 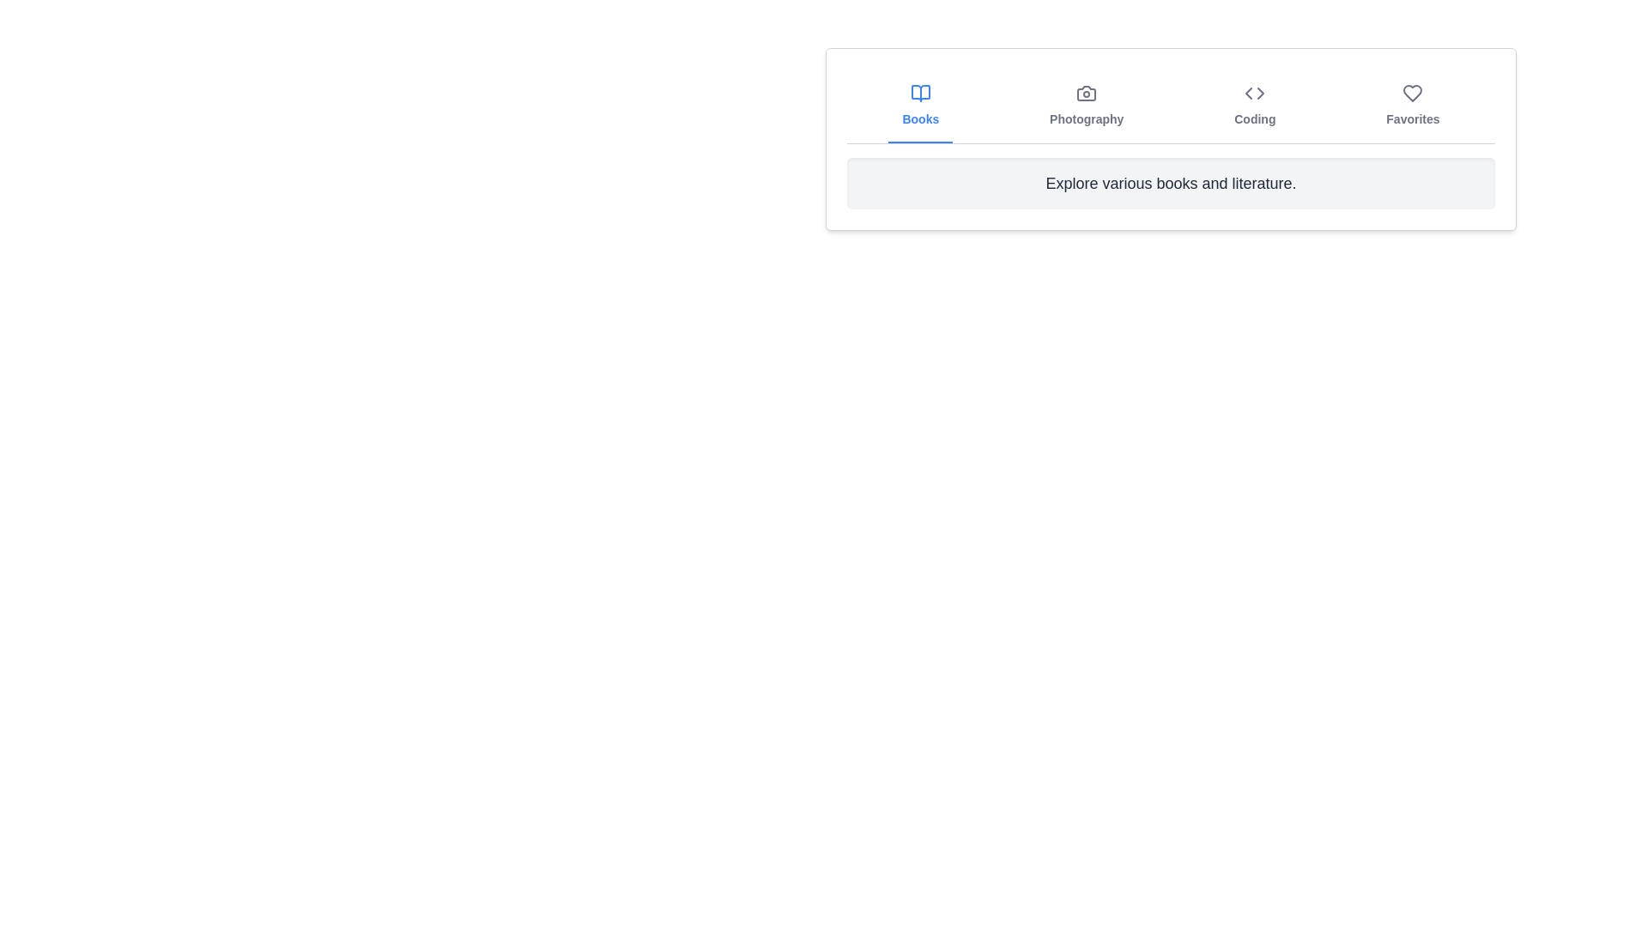 I want to click on text content of the 'Books' label, which is the first item in the navigation bar located directly below the open book icon, so click(x=919, y=118).